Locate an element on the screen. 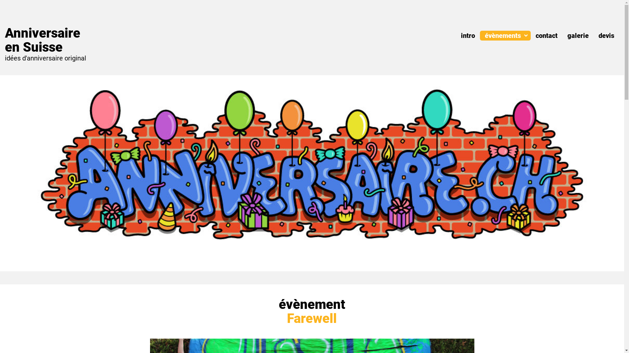  'galerie' is located at coordinates (567, 35).